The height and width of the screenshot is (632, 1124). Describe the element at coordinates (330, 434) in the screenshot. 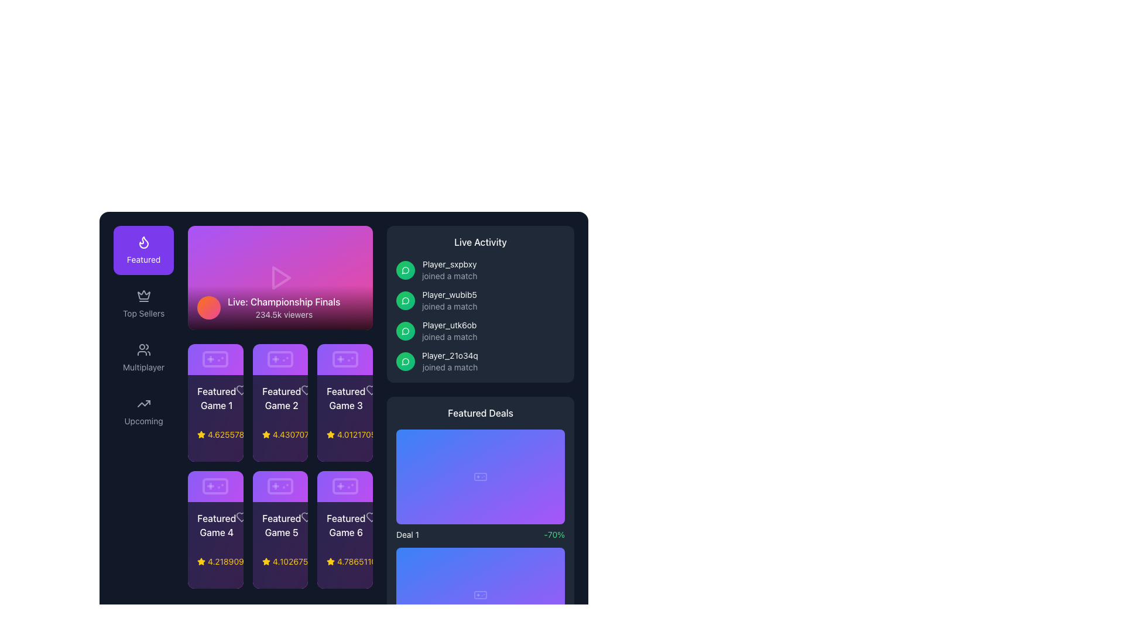

I see `the star icon located in the bottom-left corner of the third card from the left in the grid of featured games, which represents user ratings` at that location.